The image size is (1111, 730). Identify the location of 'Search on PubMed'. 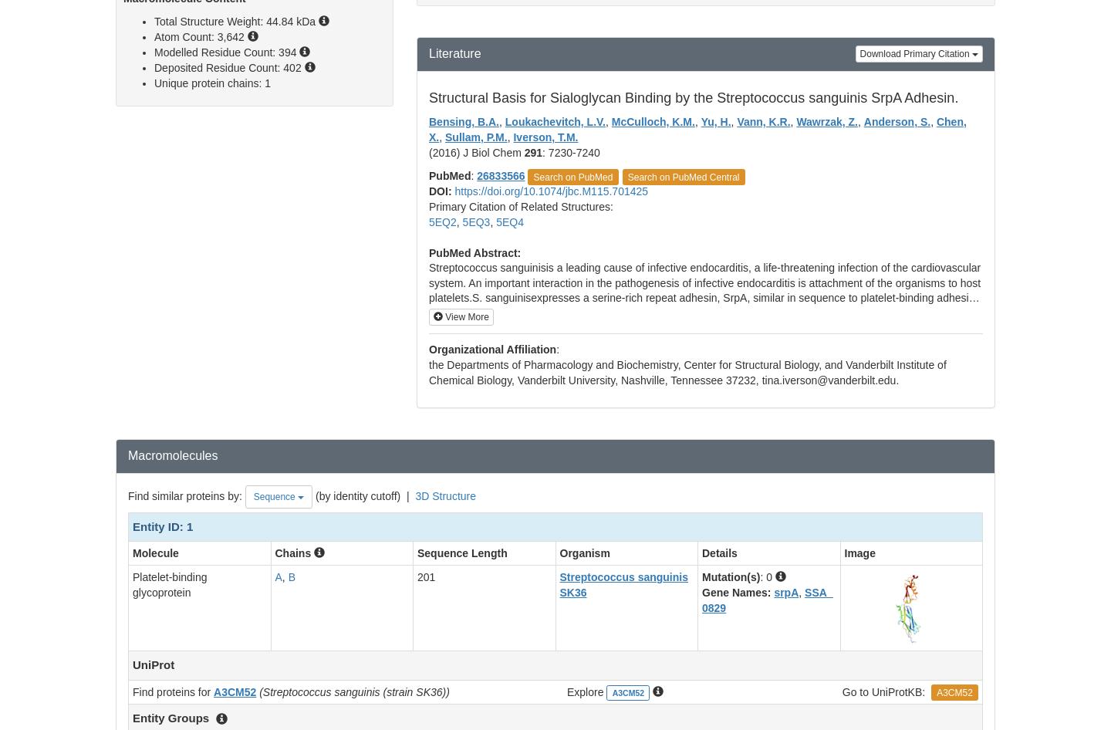
(572, 177).